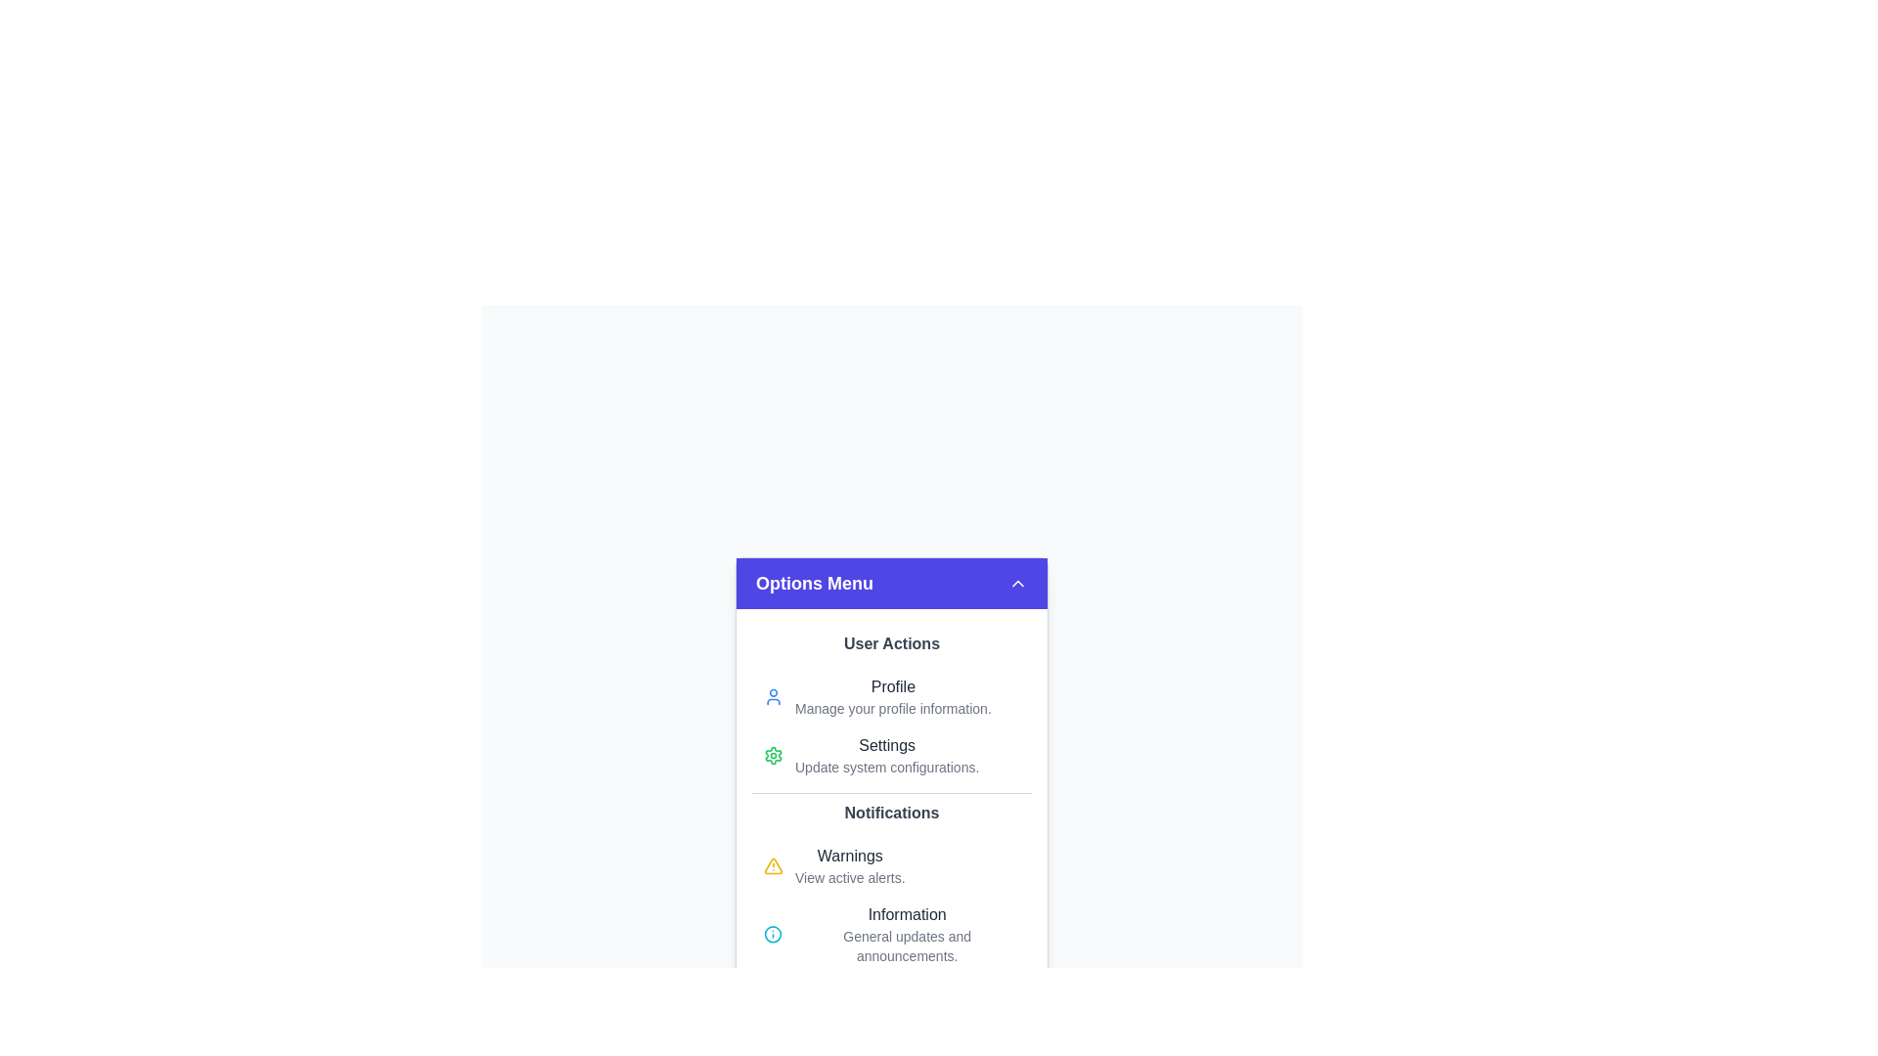  What do you see at coordinates (773, 754) in the screenshot?
I see `the 'Settings' icon located to the left of the text 'Settings Update system configurations.' in the 'User Actions' category of the menu` at bounding box center [773, 754].